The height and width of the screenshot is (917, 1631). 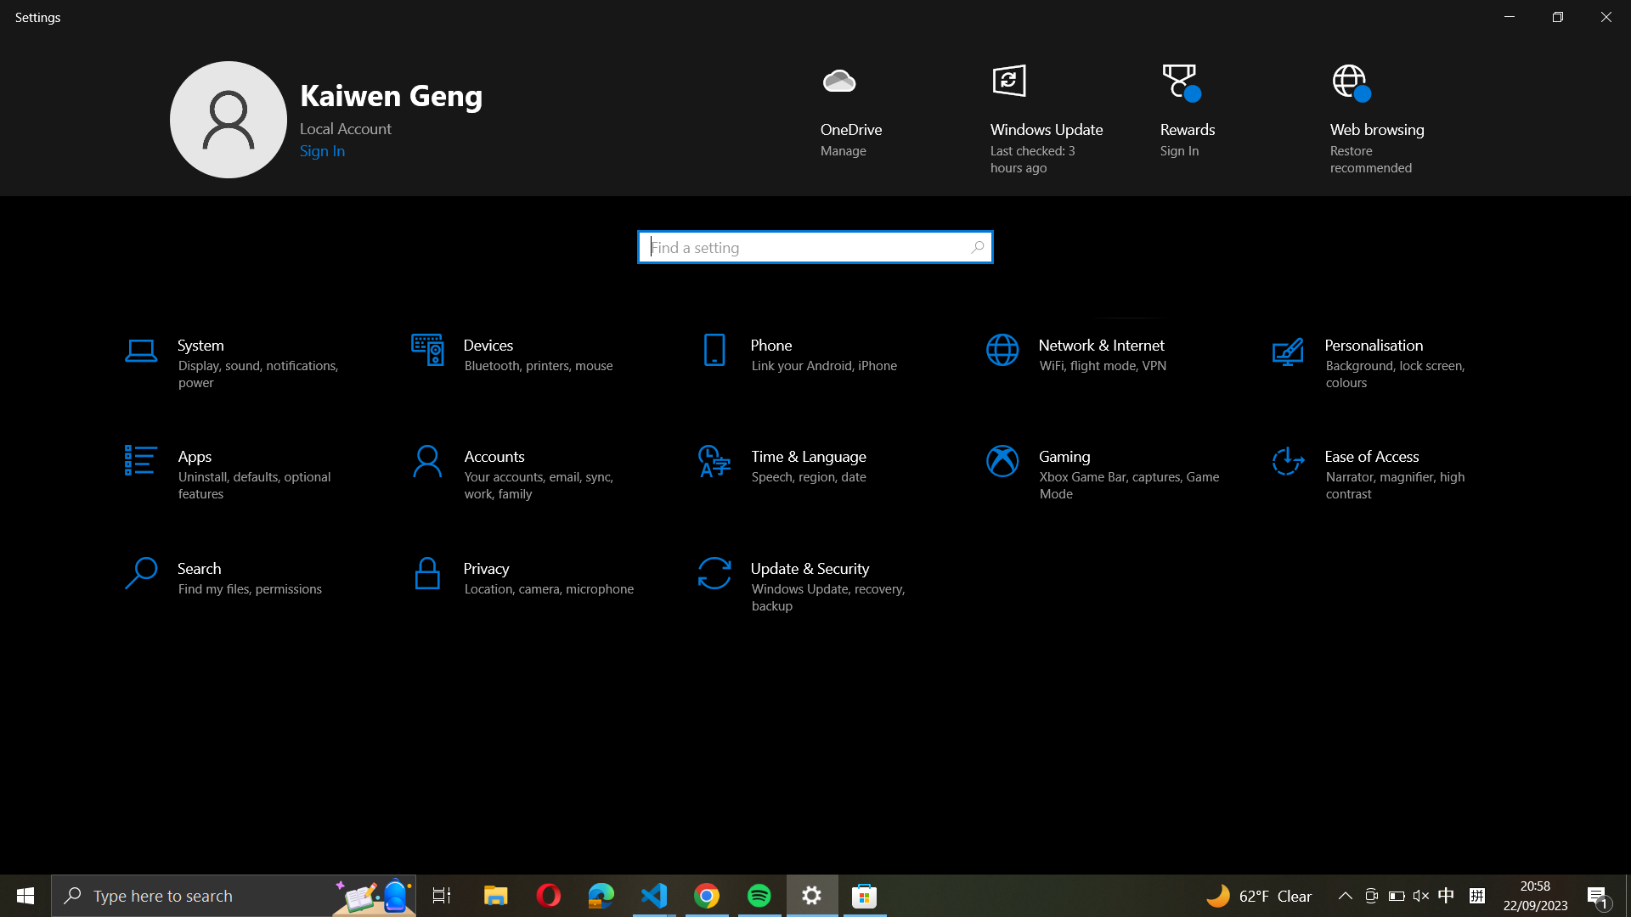 I want to click on the "Update & Security" settings tab, so click(x=816, y=581).